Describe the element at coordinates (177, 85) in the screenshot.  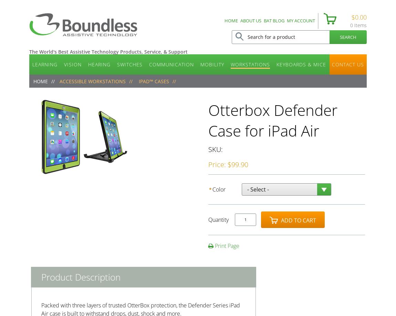
I see `'Basic Communicators'` at that location.